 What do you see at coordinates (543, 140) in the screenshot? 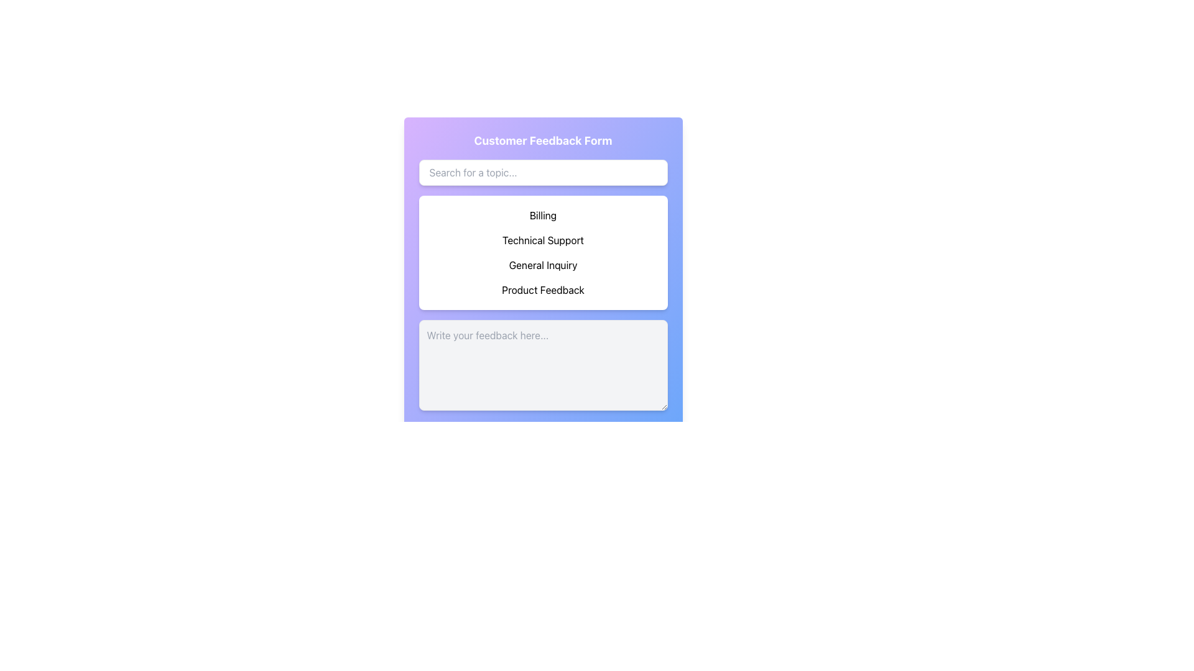
I see `the header text element that displays 'Customer Feedback Form', which is styled in bold and center-aligned on a gradient background` at bounding box center [543, 140].